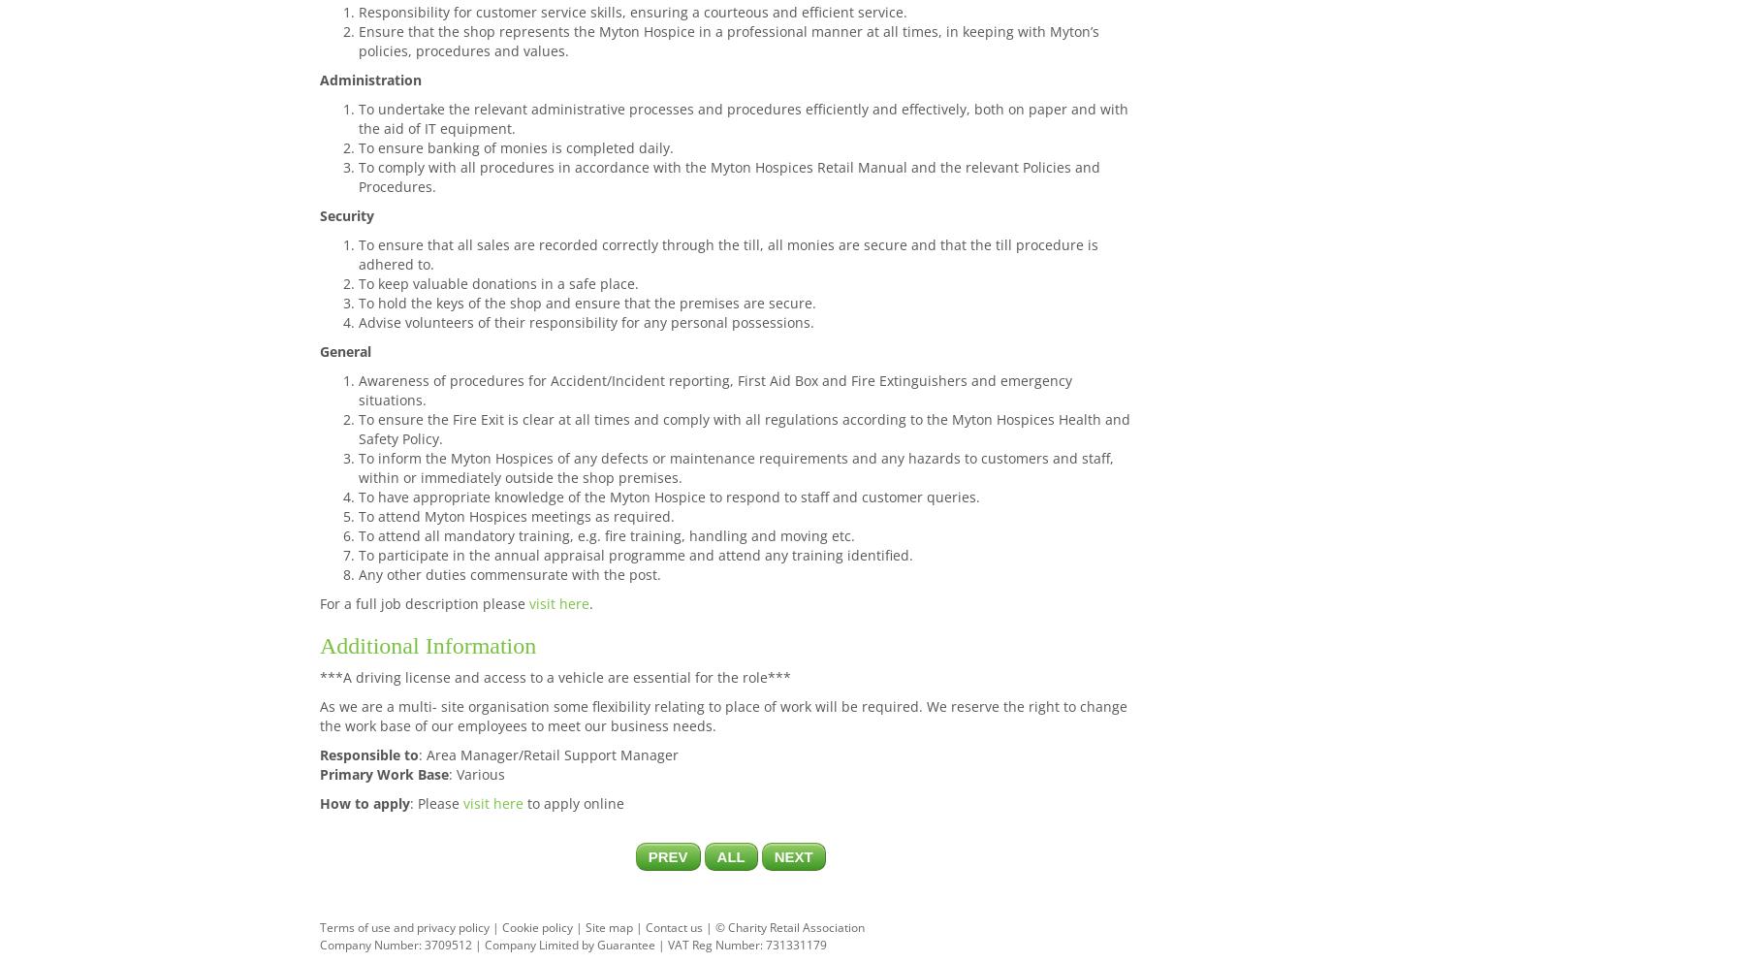 This screenshot has width=1745, height=963. I want to click on 'To attend all mandatory training, e.g. fire training, handling and moving etc.', so click(607, 533).